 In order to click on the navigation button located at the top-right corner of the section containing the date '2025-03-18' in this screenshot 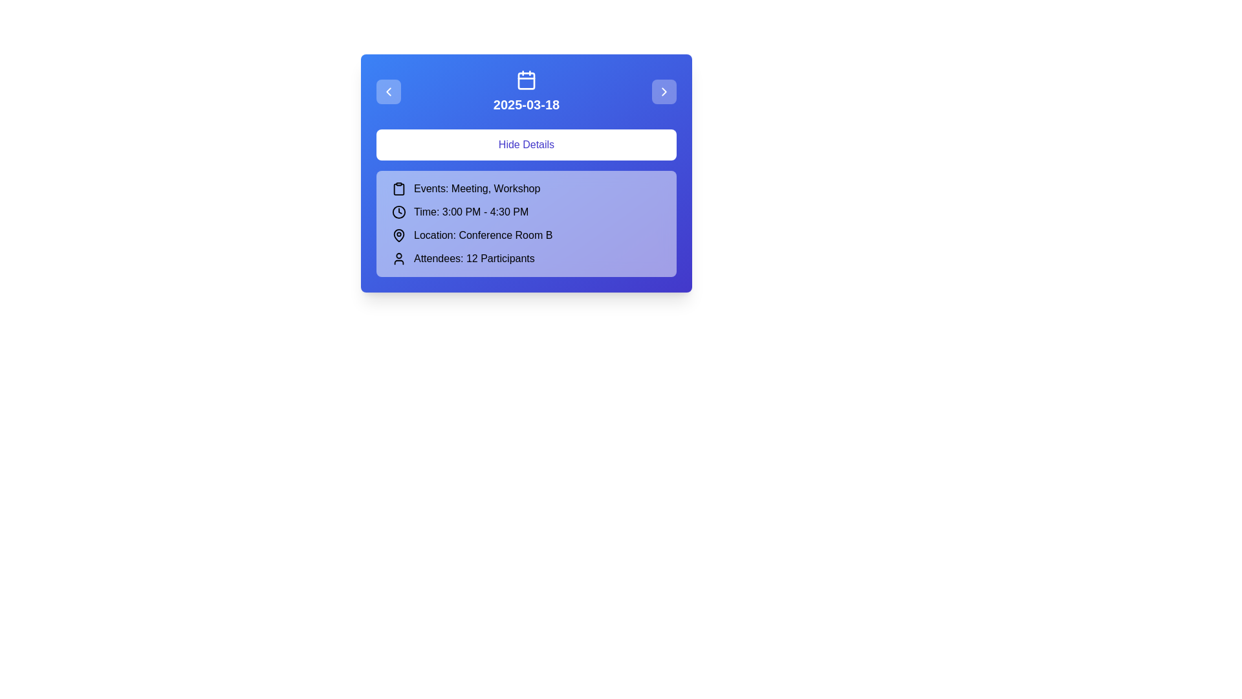, I will do `click(664, 91)`.